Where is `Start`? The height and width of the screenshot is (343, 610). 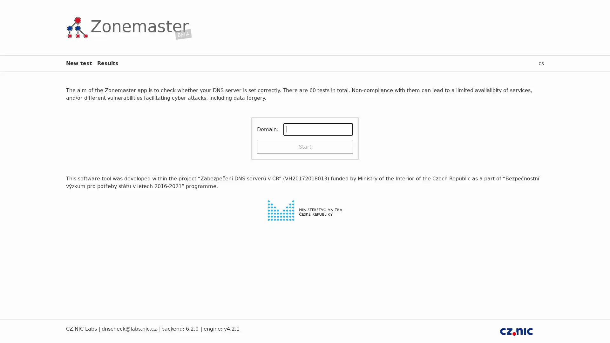 Start is located at coordinates (304, 147).